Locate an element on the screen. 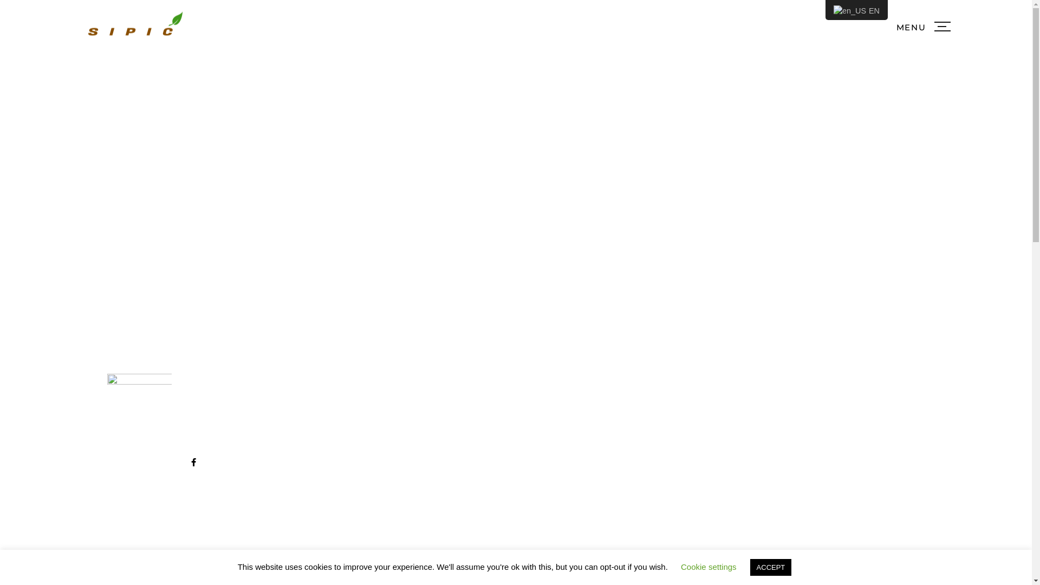 The height and width of the screenshot is (585, 1040). 'ACCEPT' is located at coordinates (770, 567).